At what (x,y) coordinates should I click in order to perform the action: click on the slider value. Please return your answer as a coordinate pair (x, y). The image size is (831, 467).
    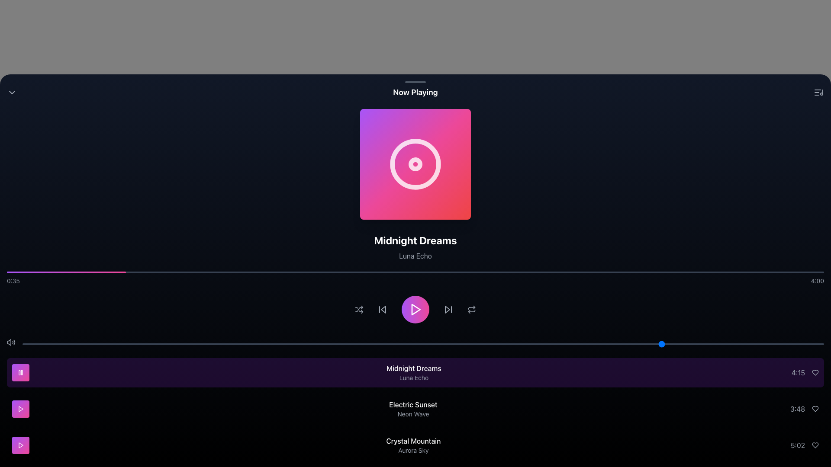
    Looking at the image, I should click on (158, 343).